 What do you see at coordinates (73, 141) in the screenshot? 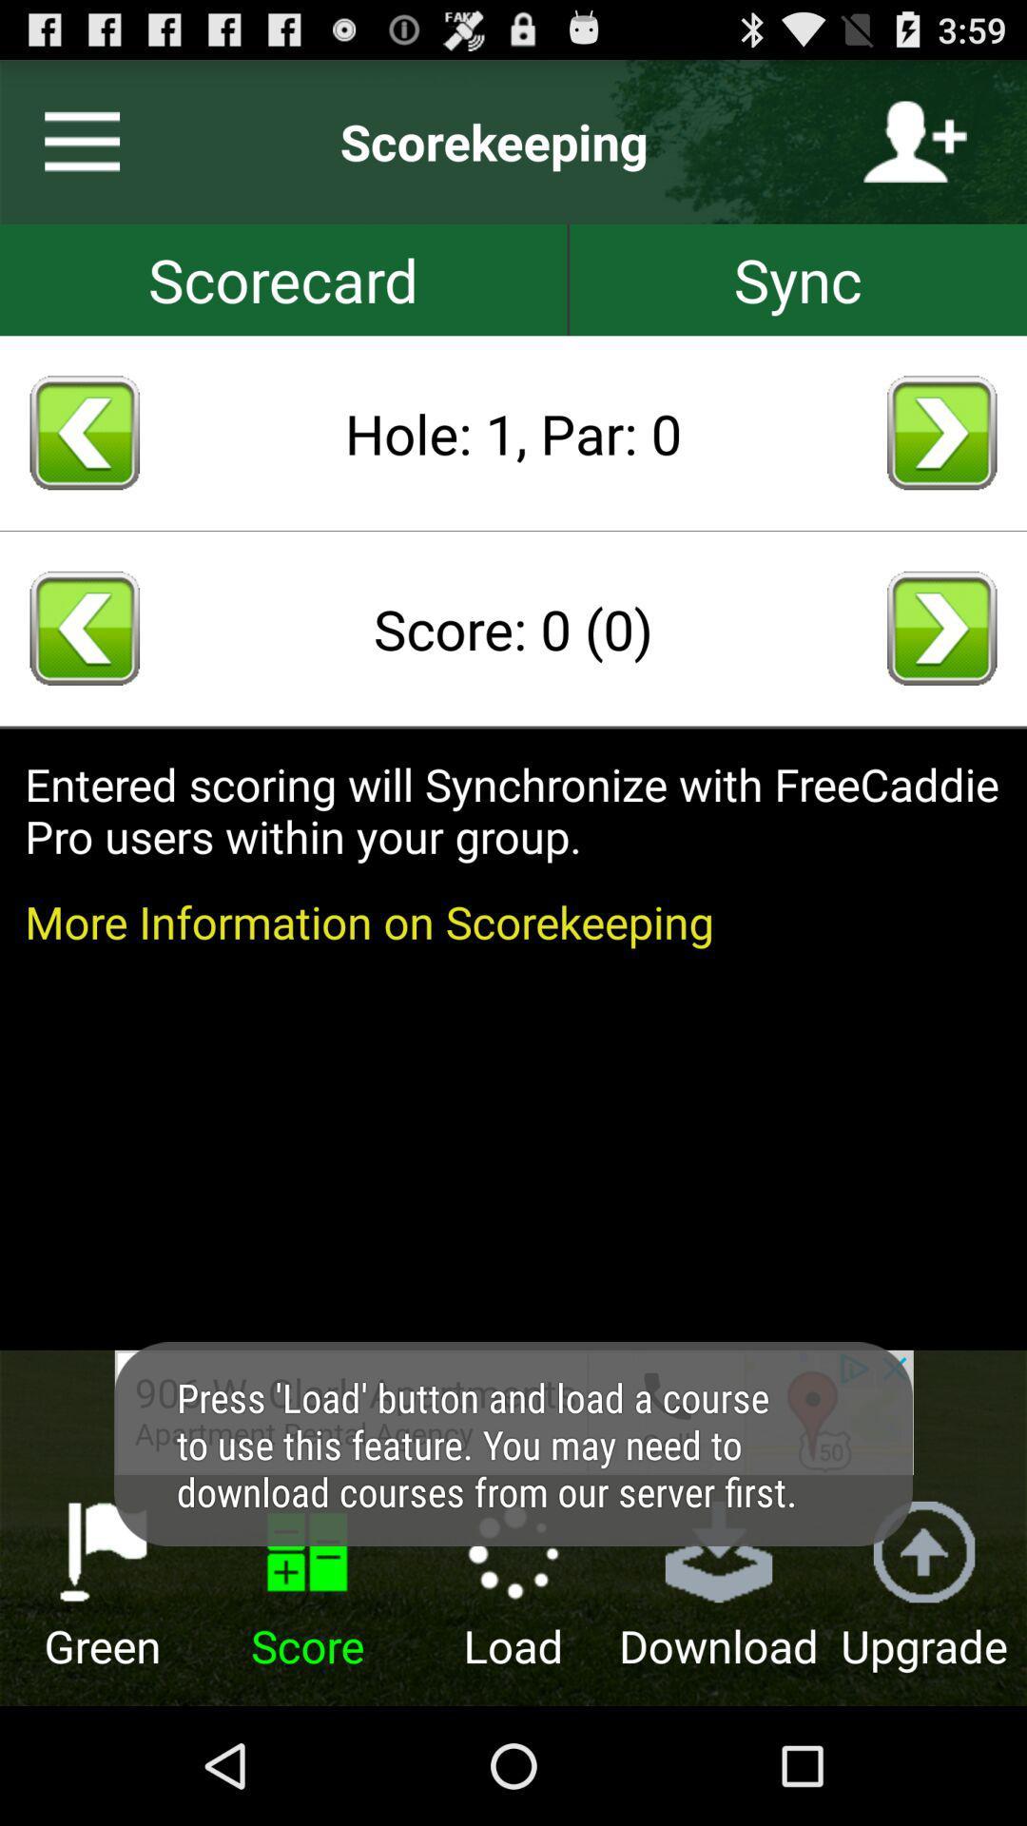
I see `the menu icon at the top right` at bounding box center [73, 141].